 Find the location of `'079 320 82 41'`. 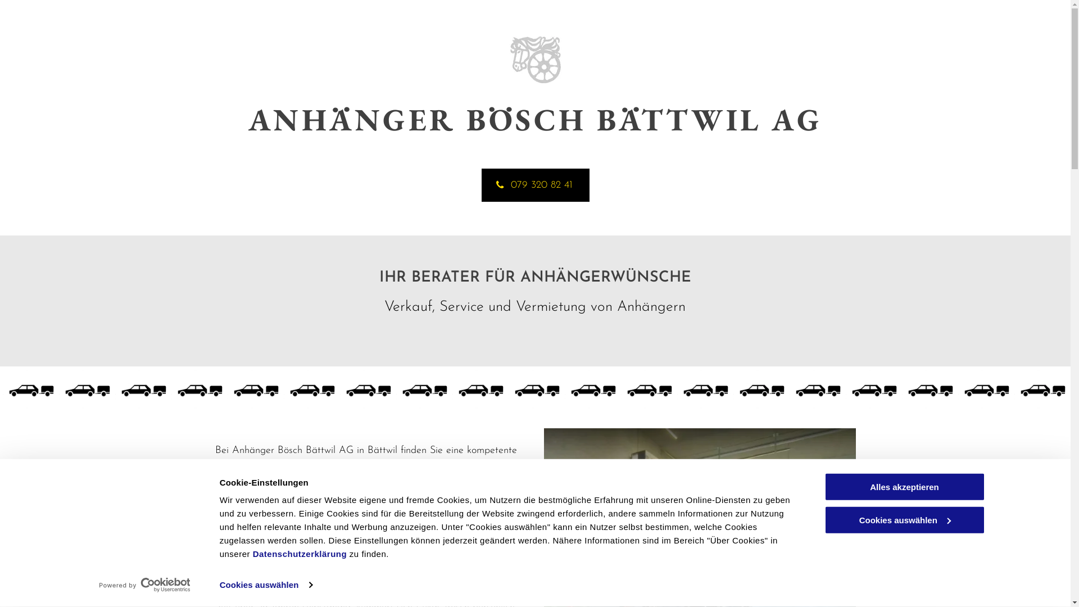

'079 320 82 41' is located at coordinates (534, 184).